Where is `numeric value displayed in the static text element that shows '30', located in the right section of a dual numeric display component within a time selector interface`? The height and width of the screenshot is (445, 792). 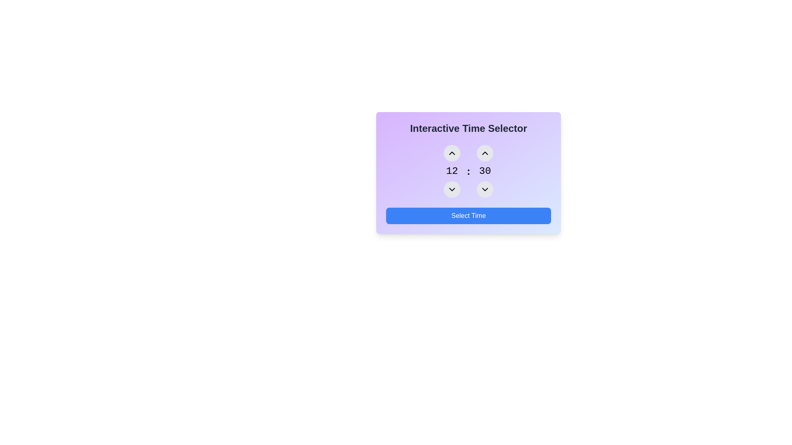 numeric value displayed in the static text element that shows '30', located in the right section of a dual numeric display component within a time selector interface is located at coordinates (485, 171).